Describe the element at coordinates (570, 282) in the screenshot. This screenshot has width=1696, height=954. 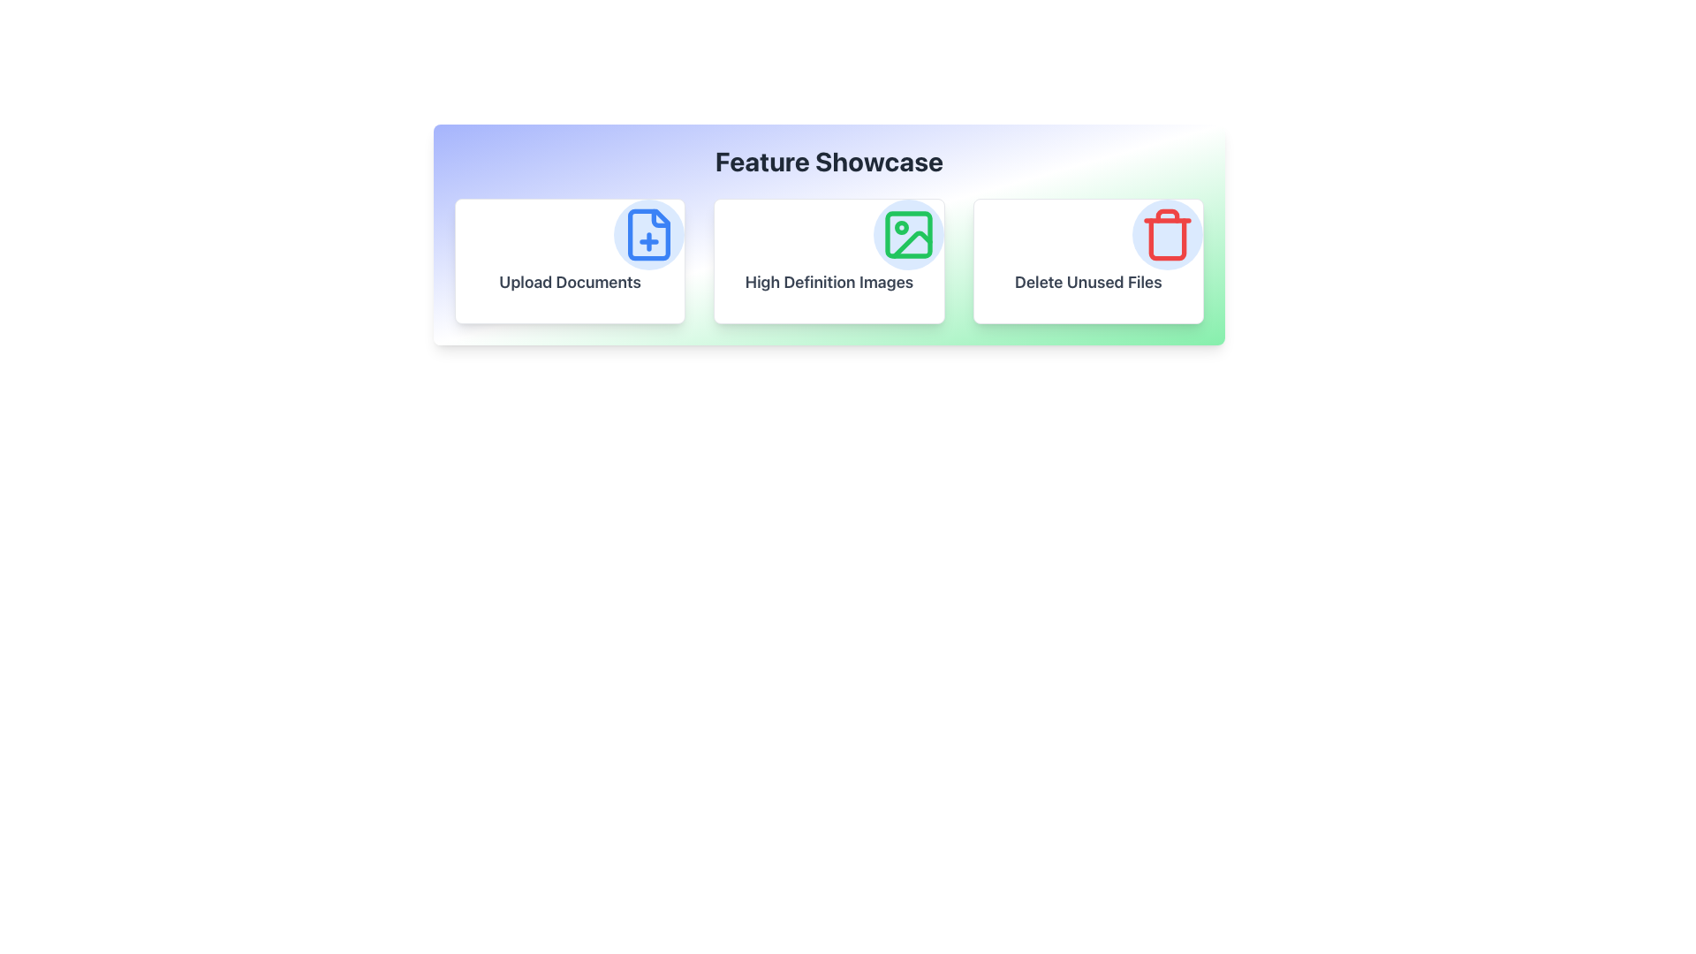
I see `the Text Label indicating the 'Upload Documents' feature, which is located at the bottom central area of the leftmost card in a row of three, directly below the file icon with a plus sign` at that location.